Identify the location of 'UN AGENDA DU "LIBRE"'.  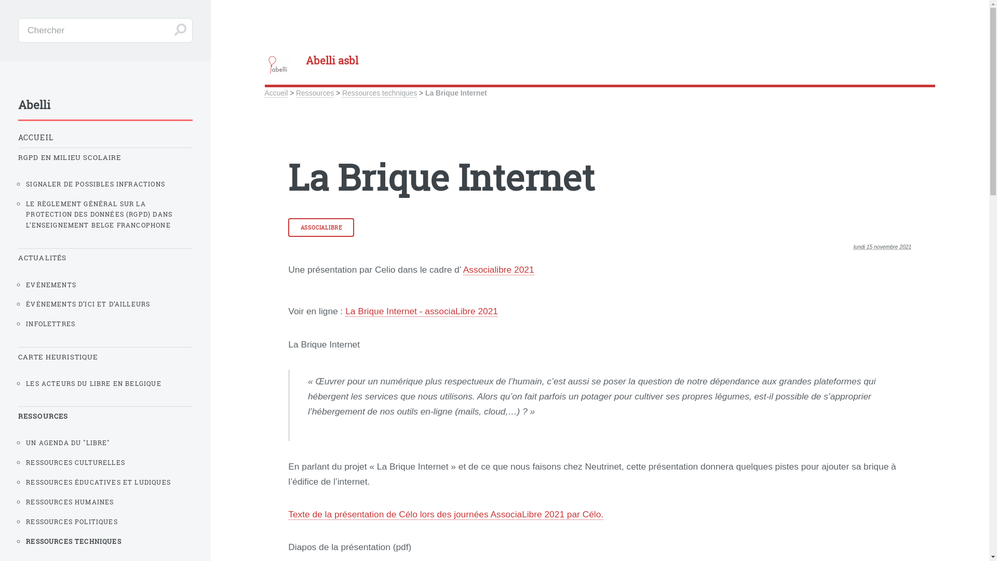
(109, 443).